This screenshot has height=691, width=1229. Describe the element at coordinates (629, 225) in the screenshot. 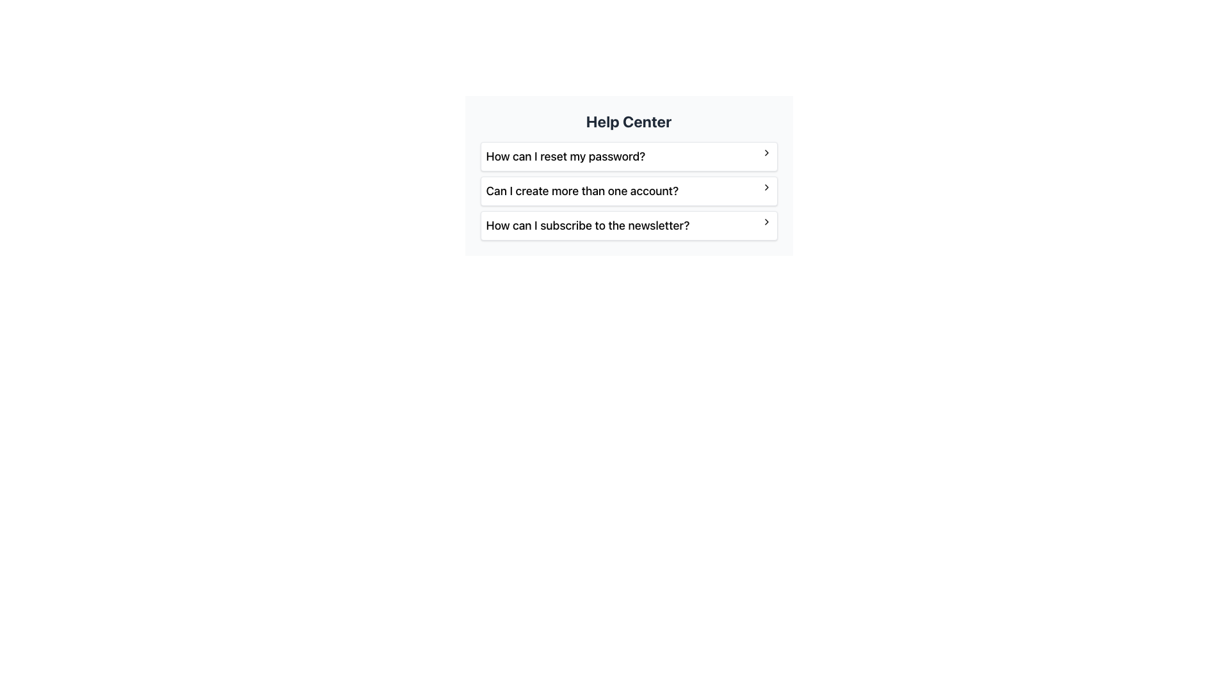

I see `the third item in the vertically stacked list of FAQ entries under the 'Help Center' header` at that location.